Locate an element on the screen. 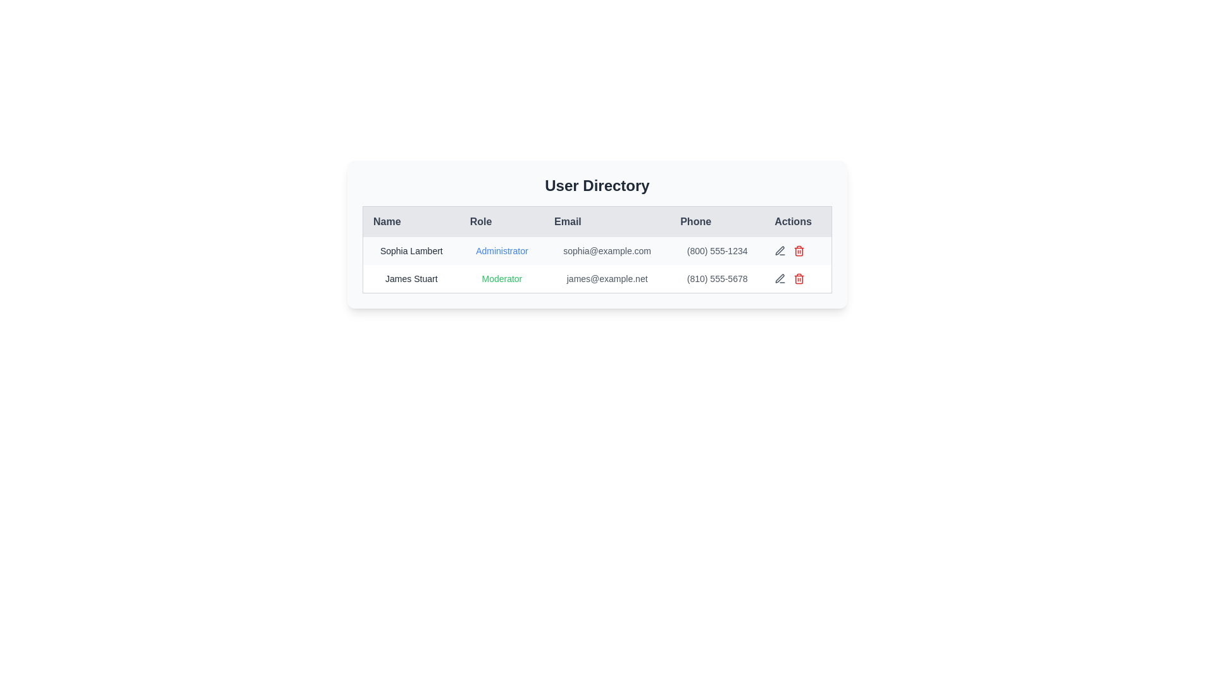 The height and width of the screenshot is (683, 1215). the static text displaying the phone number '(800) 555-1234' associated with the user 'Sophia Lambert' is located at coordinates (717, 251).